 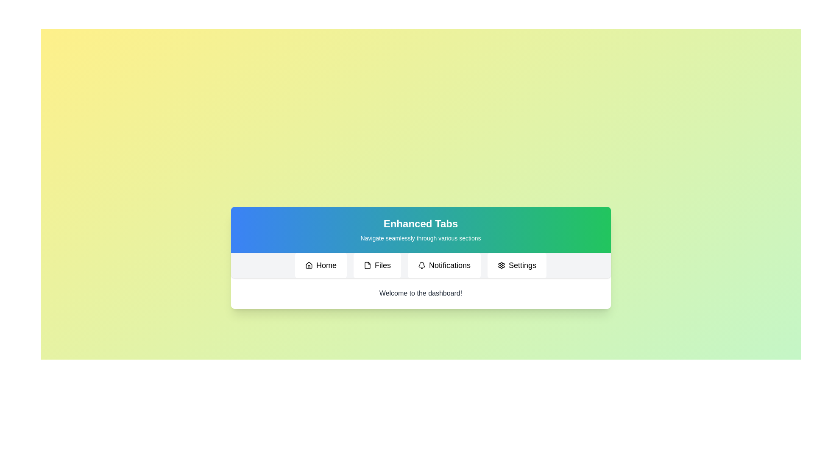 I want to click on the 'Notifications' text label in the horizontal navigation bar, which is the third tab from the left, following the 'Files' tab and preceding the 'Settings' tab, so click(x=449, y=265).